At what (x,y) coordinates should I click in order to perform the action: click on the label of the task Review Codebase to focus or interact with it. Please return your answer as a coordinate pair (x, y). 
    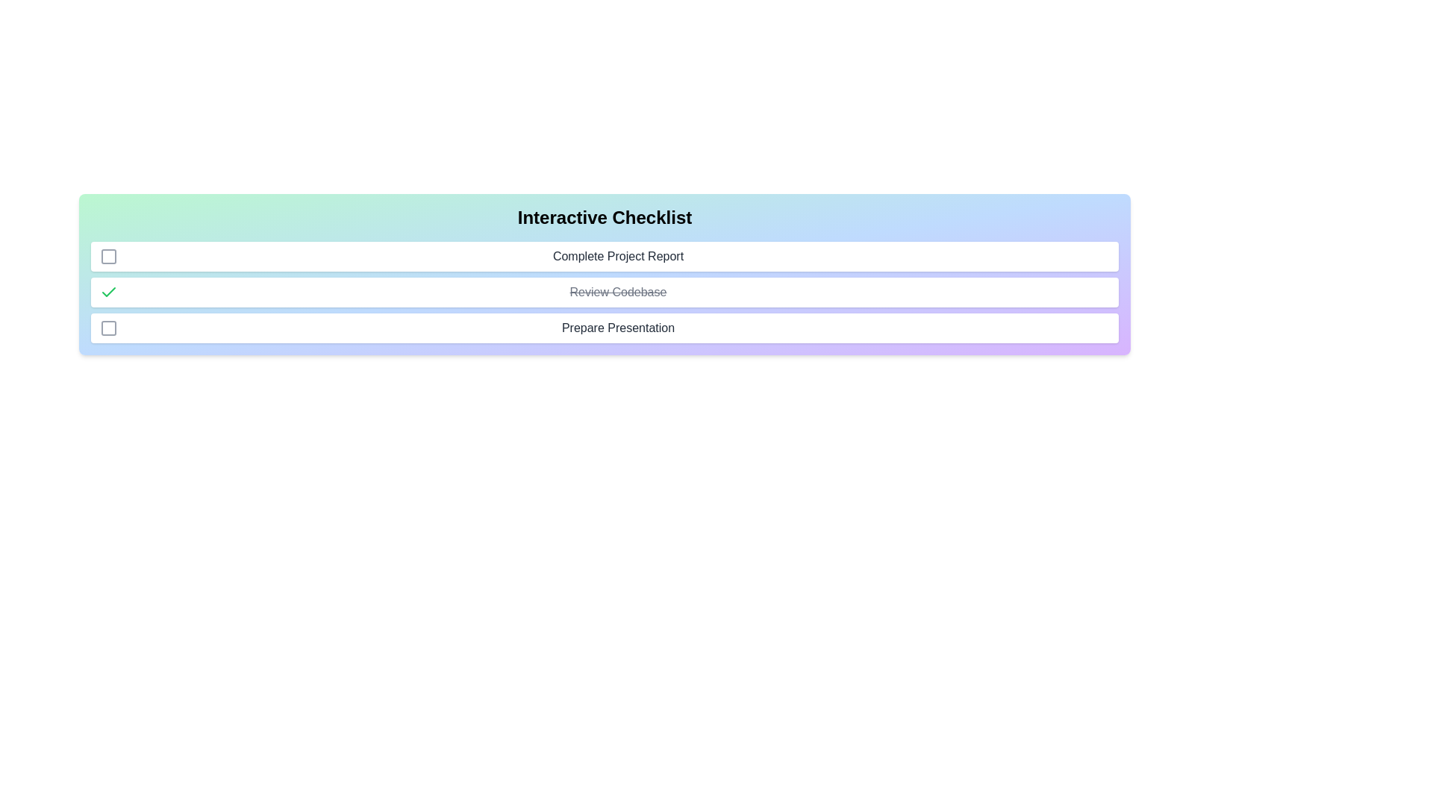
    Looking at the image, I should click on (618, 293).